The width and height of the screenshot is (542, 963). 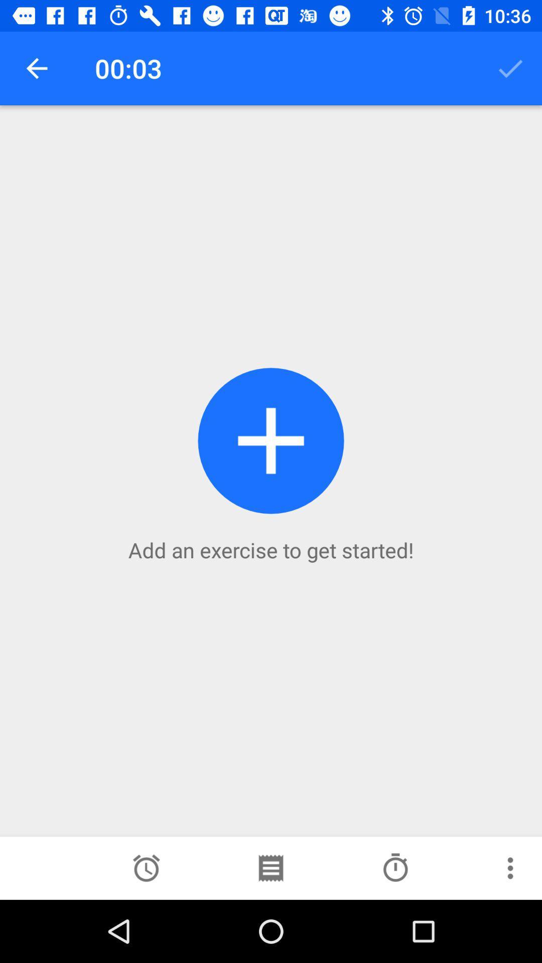 I want to click on the more icon, so click(x=270, y=868).